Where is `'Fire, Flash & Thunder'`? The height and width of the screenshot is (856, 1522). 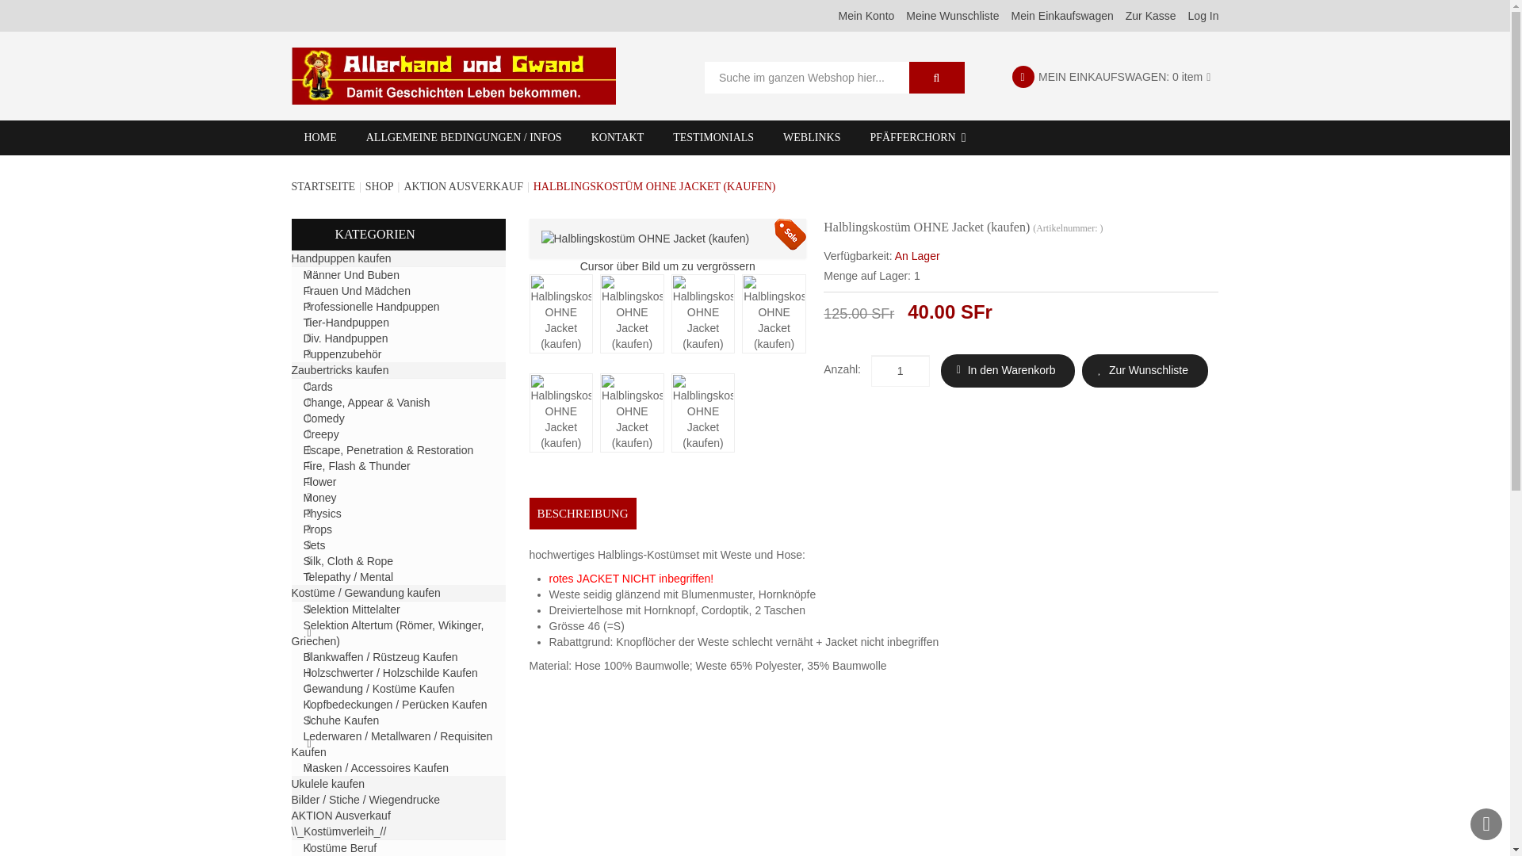 'Fire, Flash & Thunder' is located at coordinates (355, 464).